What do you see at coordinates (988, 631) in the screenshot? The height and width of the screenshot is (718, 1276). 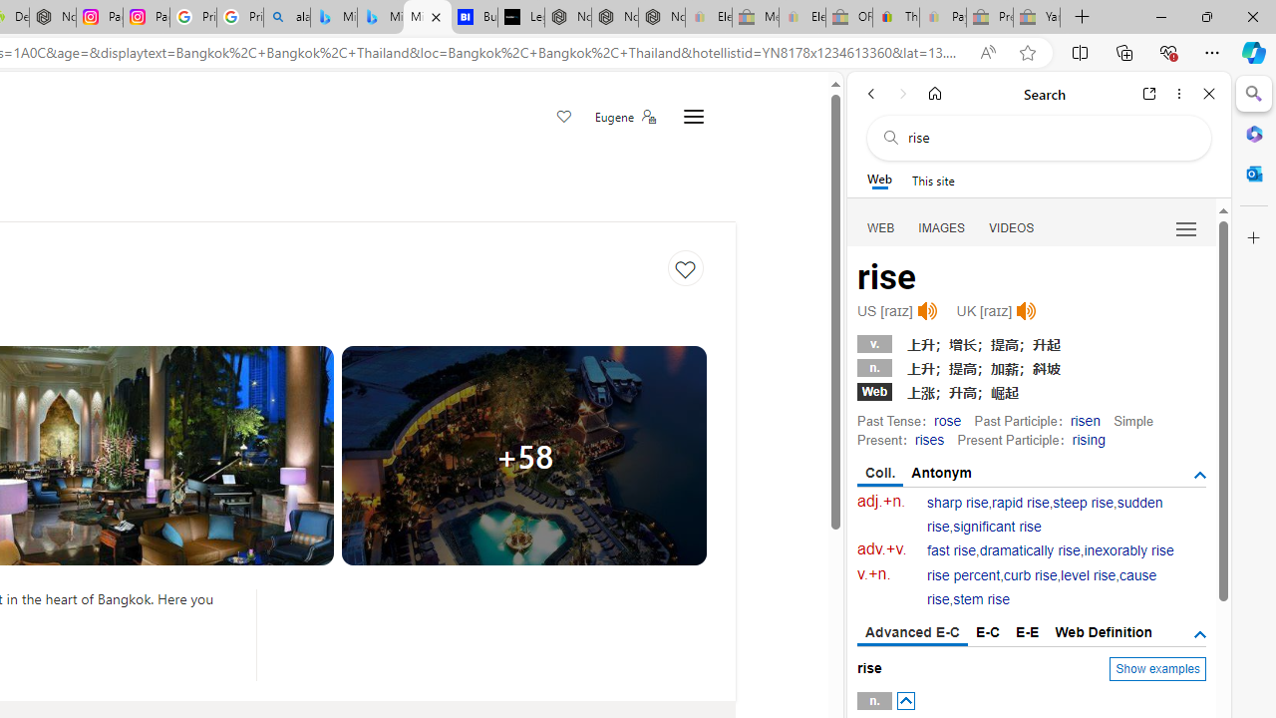 I see `'E-C'` at bounding box center [988, 631].